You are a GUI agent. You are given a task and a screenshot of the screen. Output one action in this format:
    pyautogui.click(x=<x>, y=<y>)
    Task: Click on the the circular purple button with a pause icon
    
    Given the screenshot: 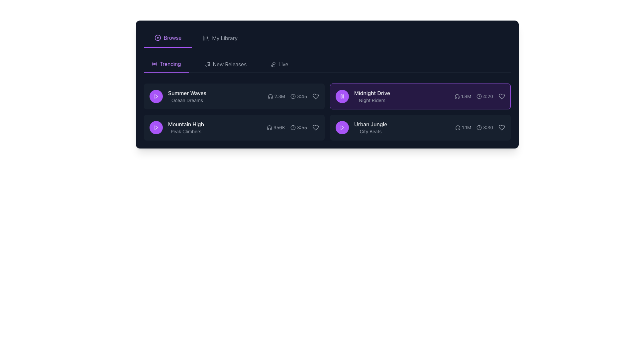 What is the action you would take?
    pyautogui.click(x=342, y=96)
    